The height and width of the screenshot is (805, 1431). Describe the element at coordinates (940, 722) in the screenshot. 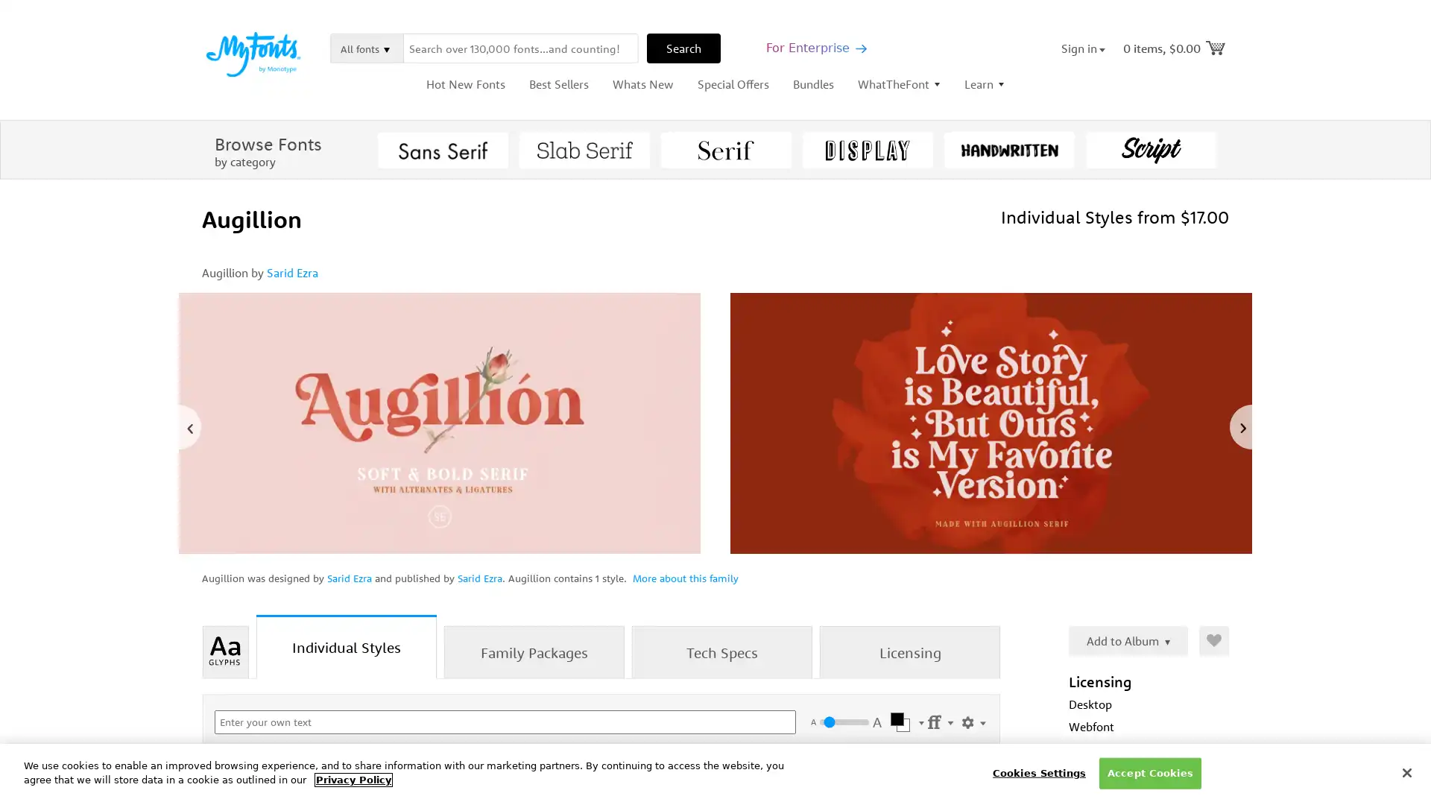

I see `Settings Menu` at that location.